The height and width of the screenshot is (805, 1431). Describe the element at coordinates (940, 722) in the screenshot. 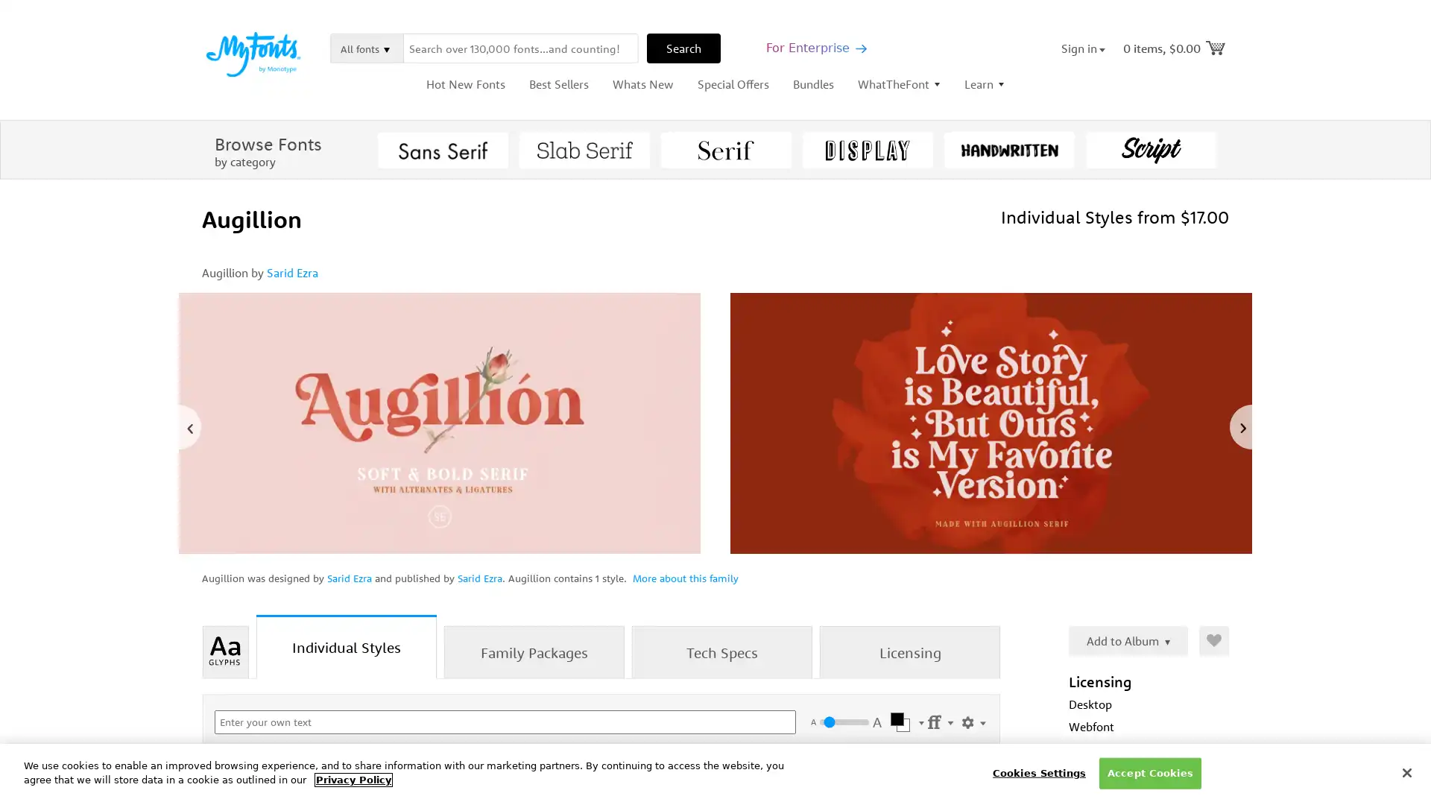

I see `Settings Menu` at that location.